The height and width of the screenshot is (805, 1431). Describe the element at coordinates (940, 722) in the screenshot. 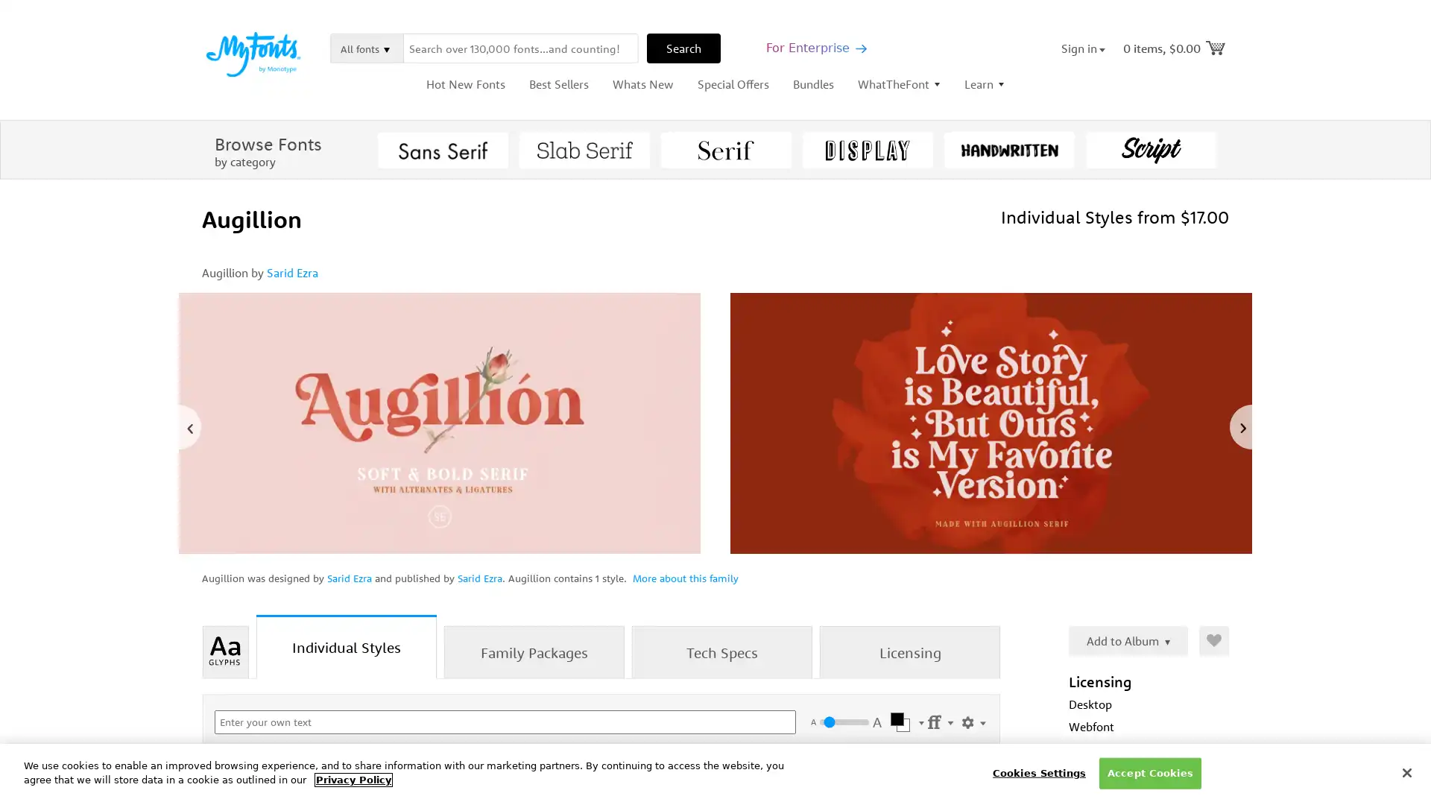

I see `Settings Menu` at that location.